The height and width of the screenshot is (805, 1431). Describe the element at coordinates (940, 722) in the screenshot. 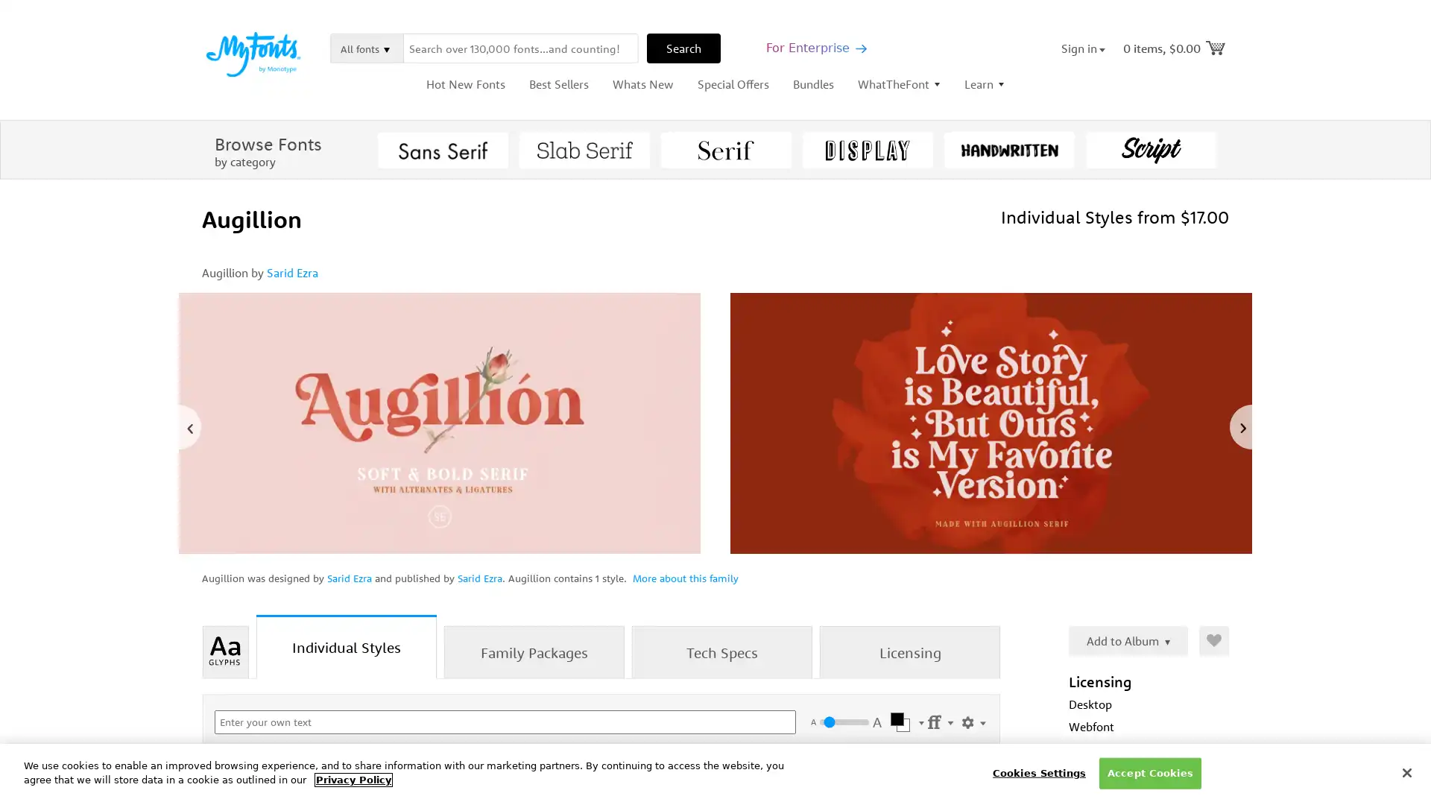

I see `Settings Menu` at that location.